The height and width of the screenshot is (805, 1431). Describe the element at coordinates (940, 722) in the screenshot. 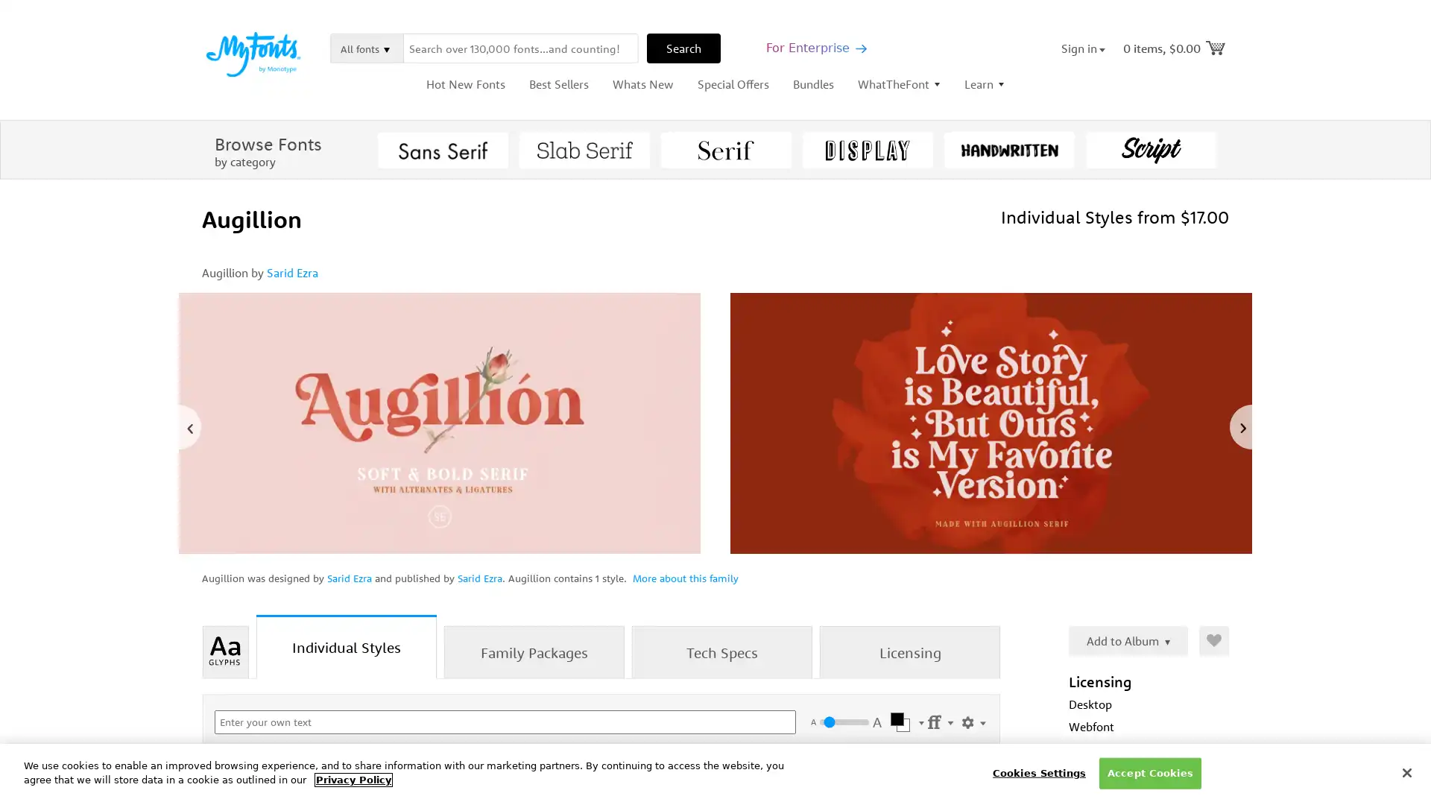

I see `Settings Menu` at that location.